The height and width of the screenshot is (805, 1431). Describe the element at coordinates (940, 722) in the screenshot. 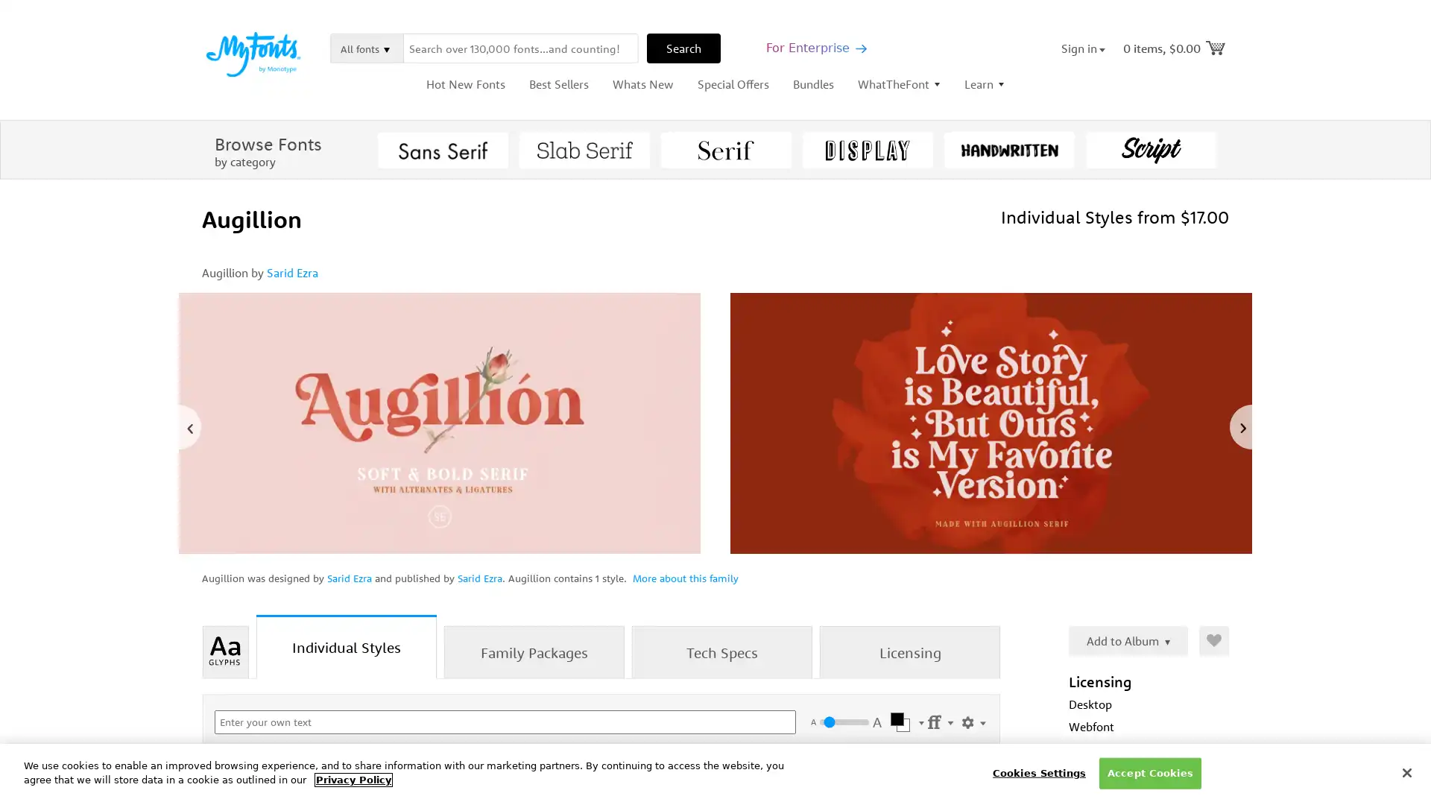

I see `Settings Menu` at that location.